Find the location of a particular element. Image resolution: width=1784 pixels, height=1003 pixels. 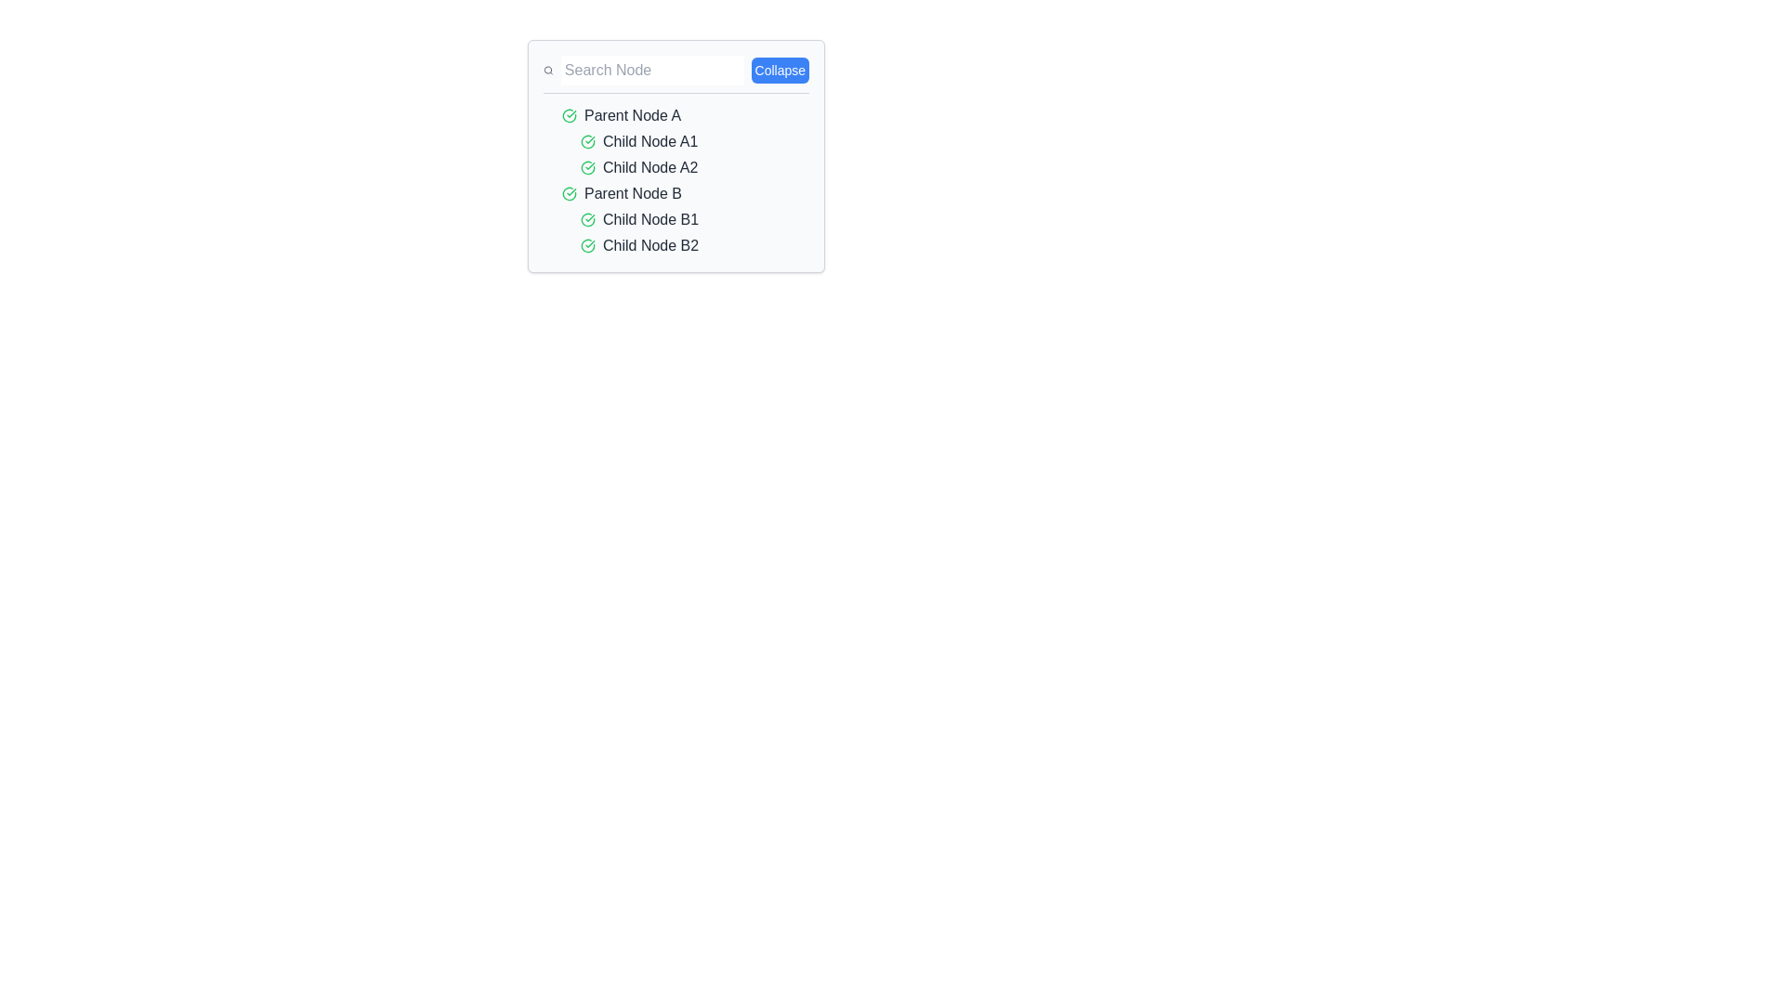

the magnifying glass icon which represents the search functionality located to the left of the 'Search Node' input field is located at coordinates (547, 70).